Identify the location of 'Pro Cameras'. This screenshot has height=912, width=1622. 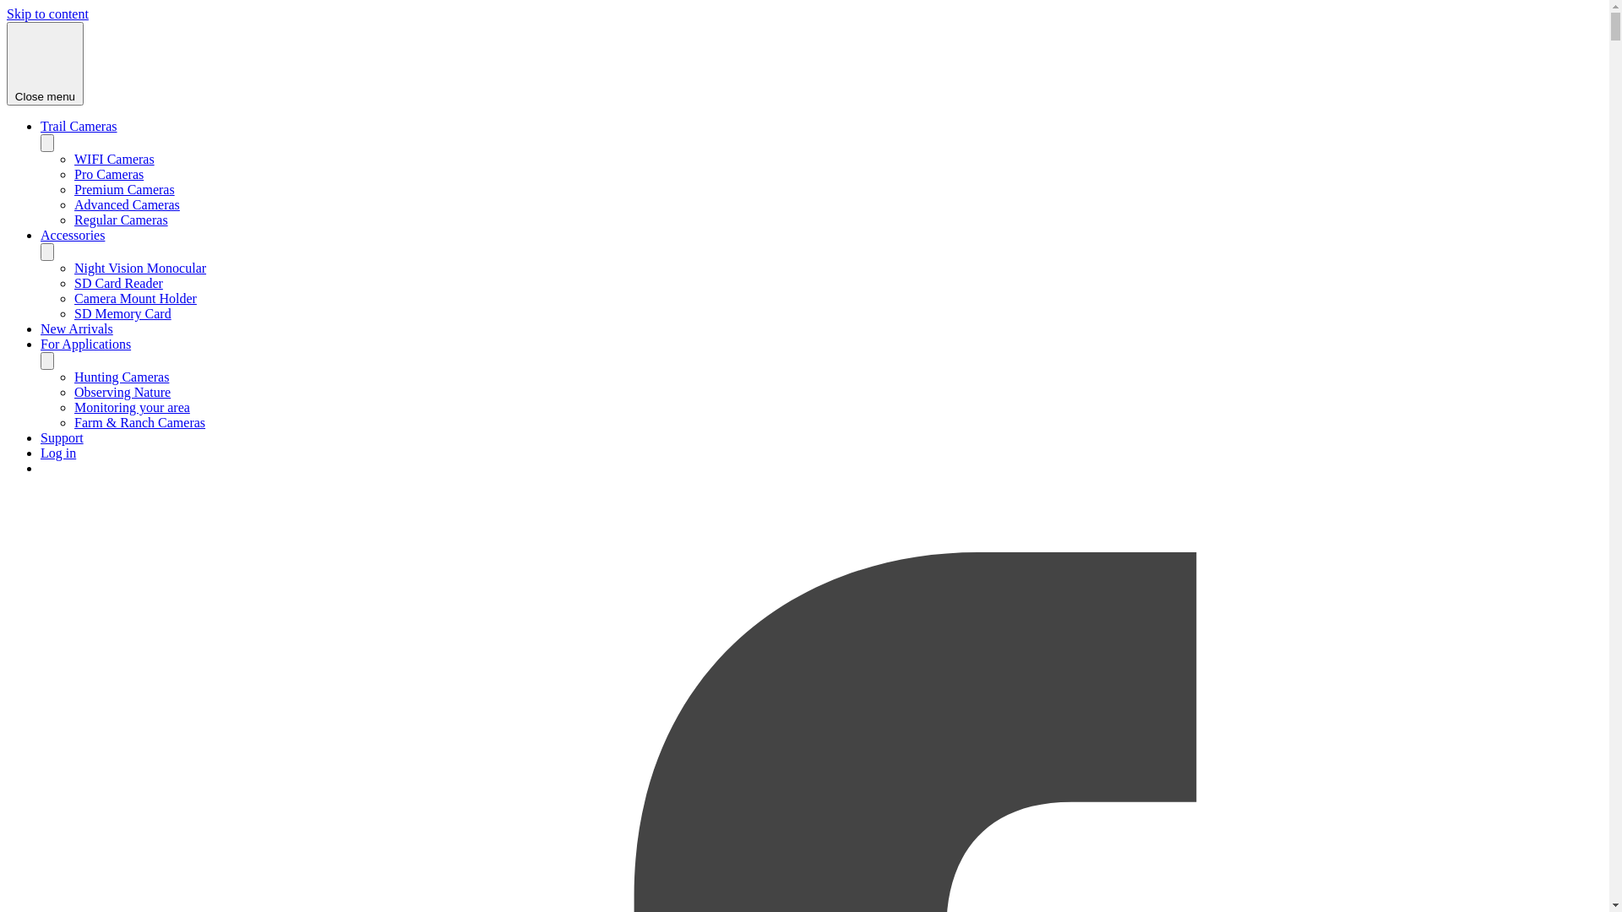
(108, 174).